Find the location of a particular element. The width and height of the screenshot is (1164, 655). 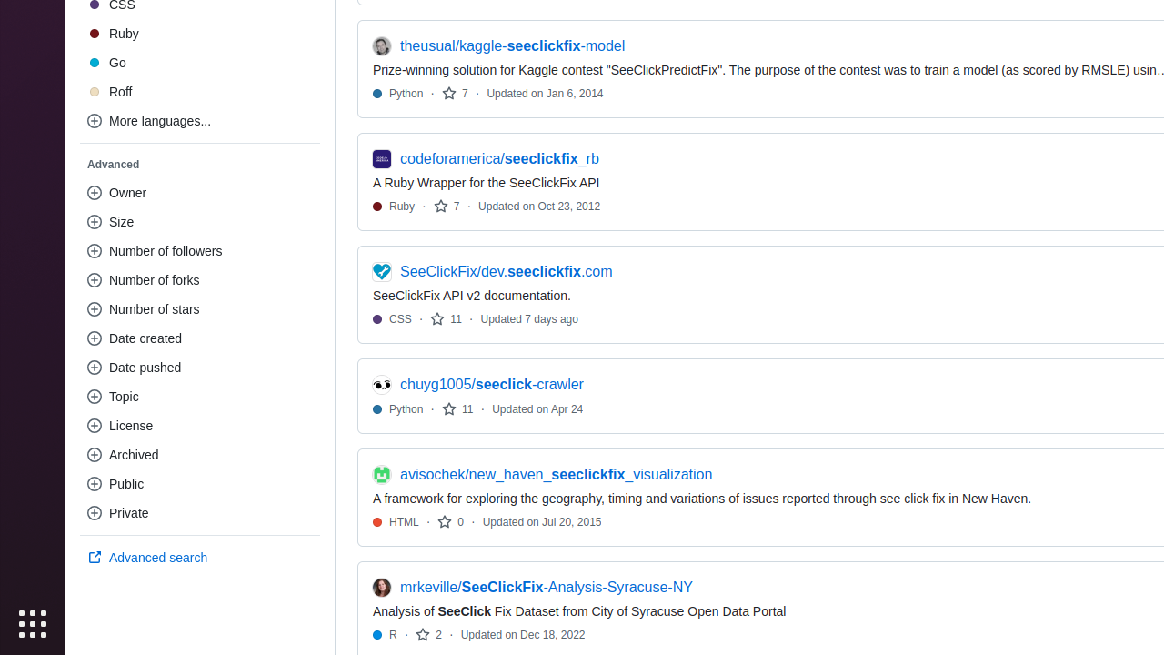

'0 stars' is located at coordinates (451, 521).